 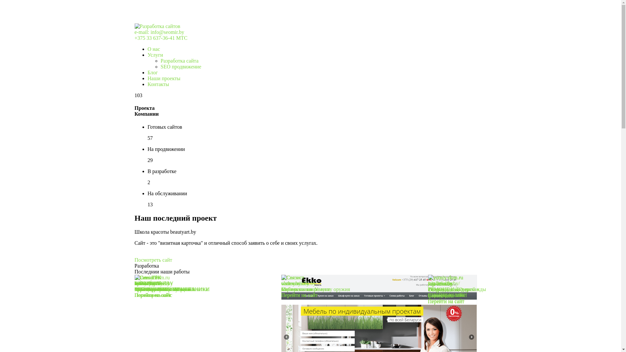 I want to click on 'e-mail: info@seomir.by', so click(x=159, y=32).